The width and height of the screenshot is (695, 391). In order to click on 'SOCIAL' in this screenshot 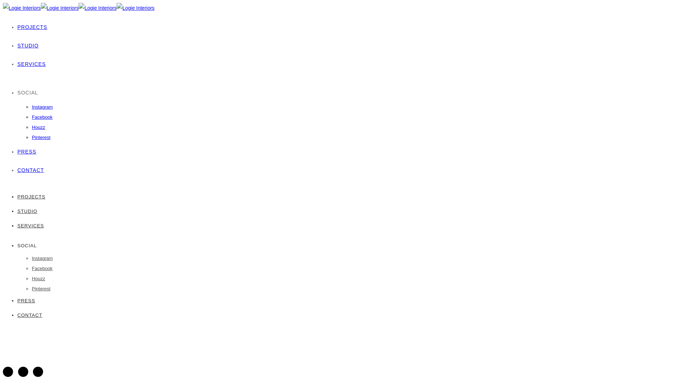, I will do `click(27, 245)`.